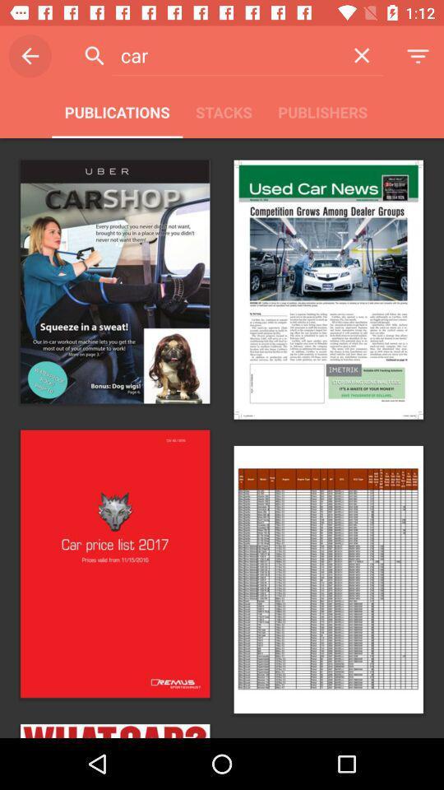  I want to click on the image of car price list 2017, so click(114, 564).